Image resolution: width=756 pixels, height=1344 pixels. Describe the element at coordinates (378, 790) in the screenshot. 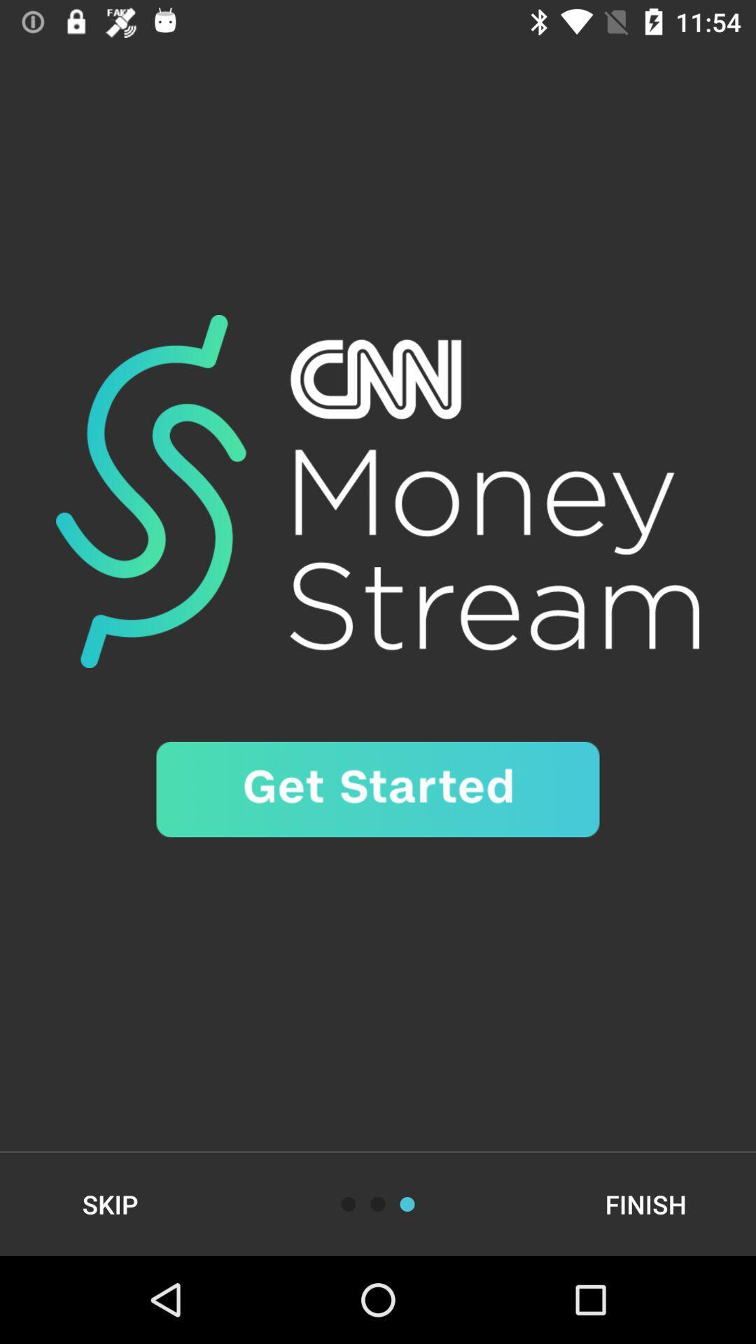

I see `staet app` at that location.